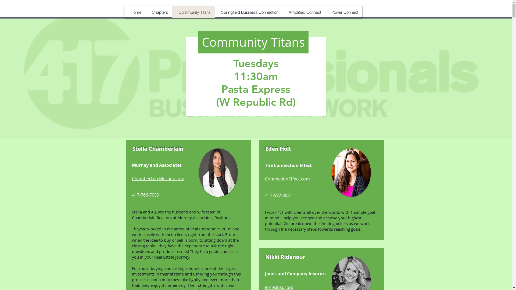 Image resolution: width=516 pixels, height=290 pixels. Describe the element at coordinates (278, 195) in the screenshot. I see `'417-597-3581'` at that location.